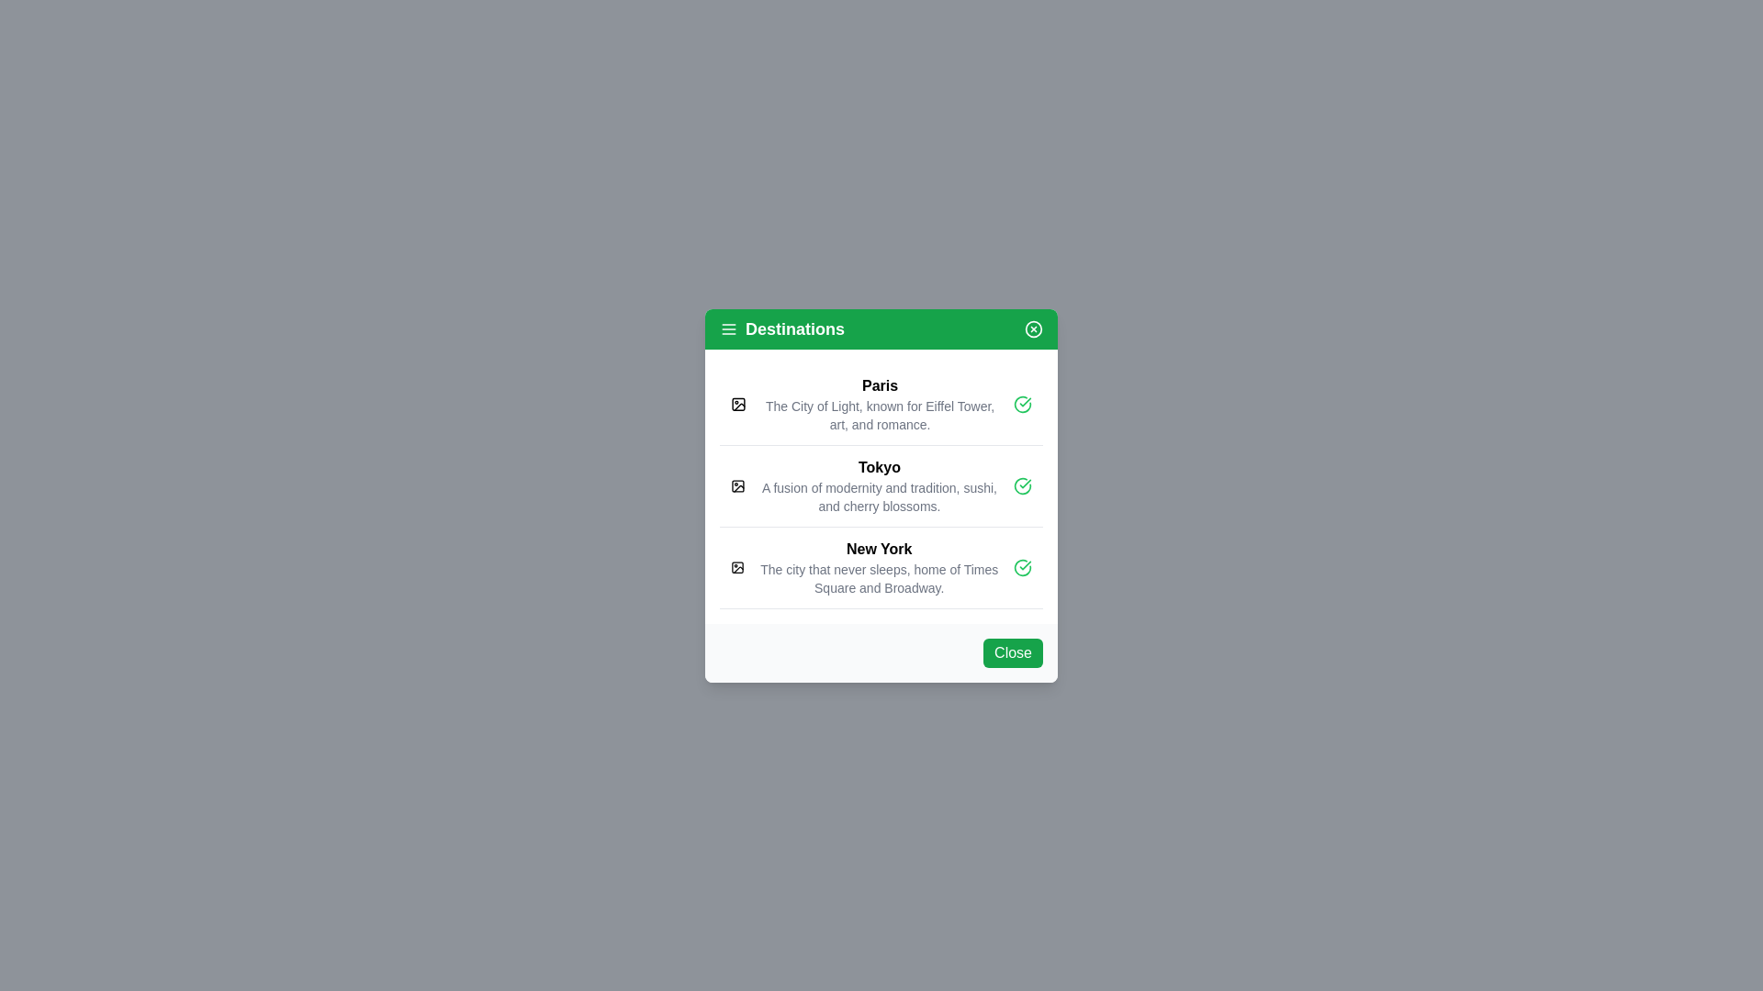 This screenshot has width=1763, height=991. I want to click on the text element describing the destination 'Tokyo', which is the second item in a vertical list of destinations, located between 'Paris' and 'New York', so click(878, 484).